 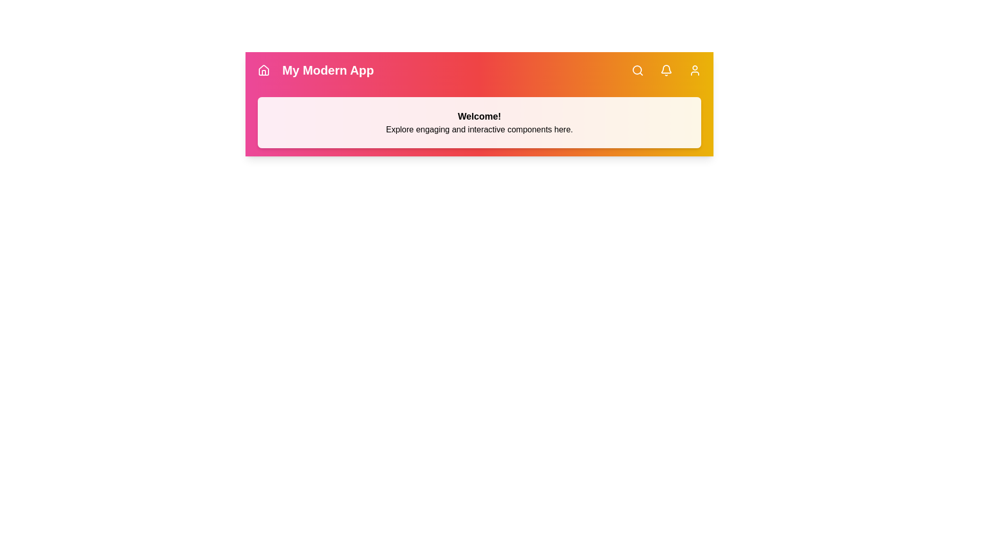 I want to click on the button labeled User to observe visual feedback, so click(x=695, y=70).